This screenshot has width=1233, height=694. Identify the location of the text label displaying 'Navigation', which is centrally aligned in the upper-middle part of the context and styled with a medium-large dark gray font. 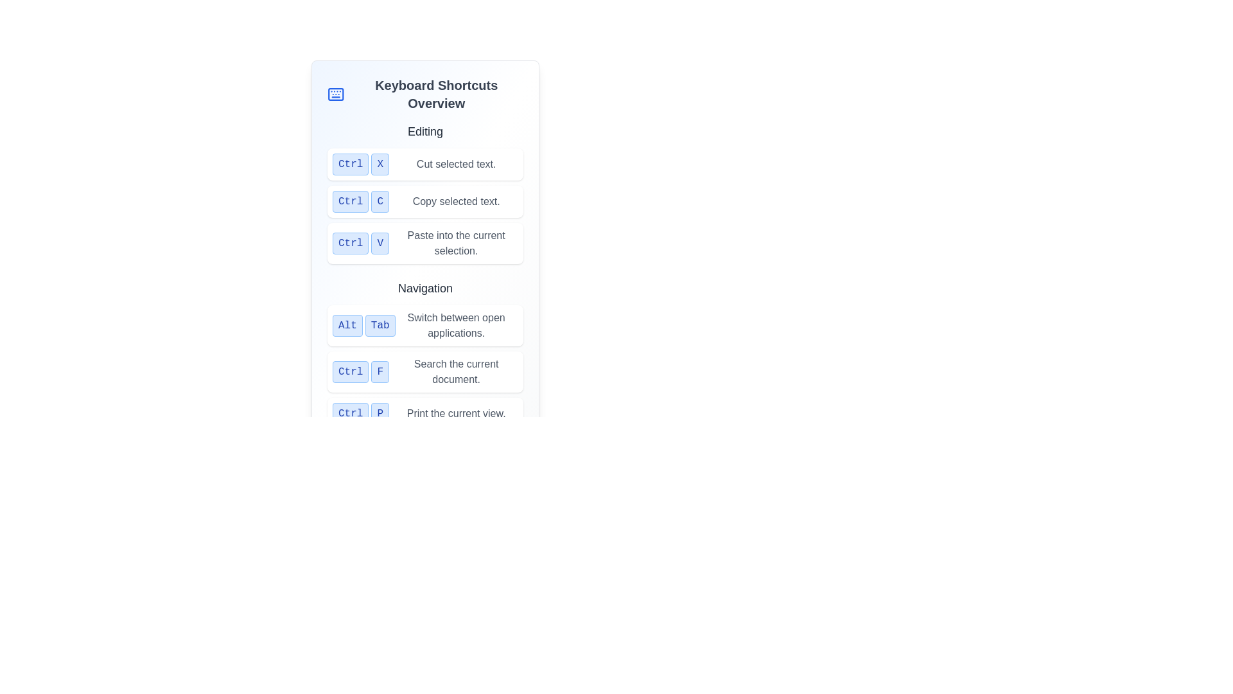
(425, 287).